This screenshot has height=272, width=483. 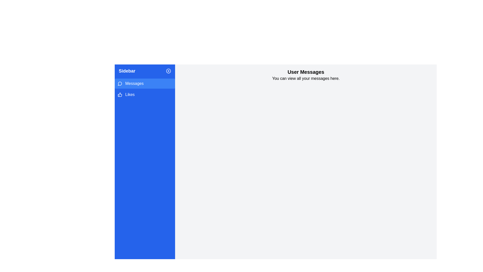 What do you see at coordinates (169, 71) in the screenshot?
I see `the small circular icon with a blue background and white outlined border located in the upper-right corner of the sidebar` at bounding box center [169, 71].